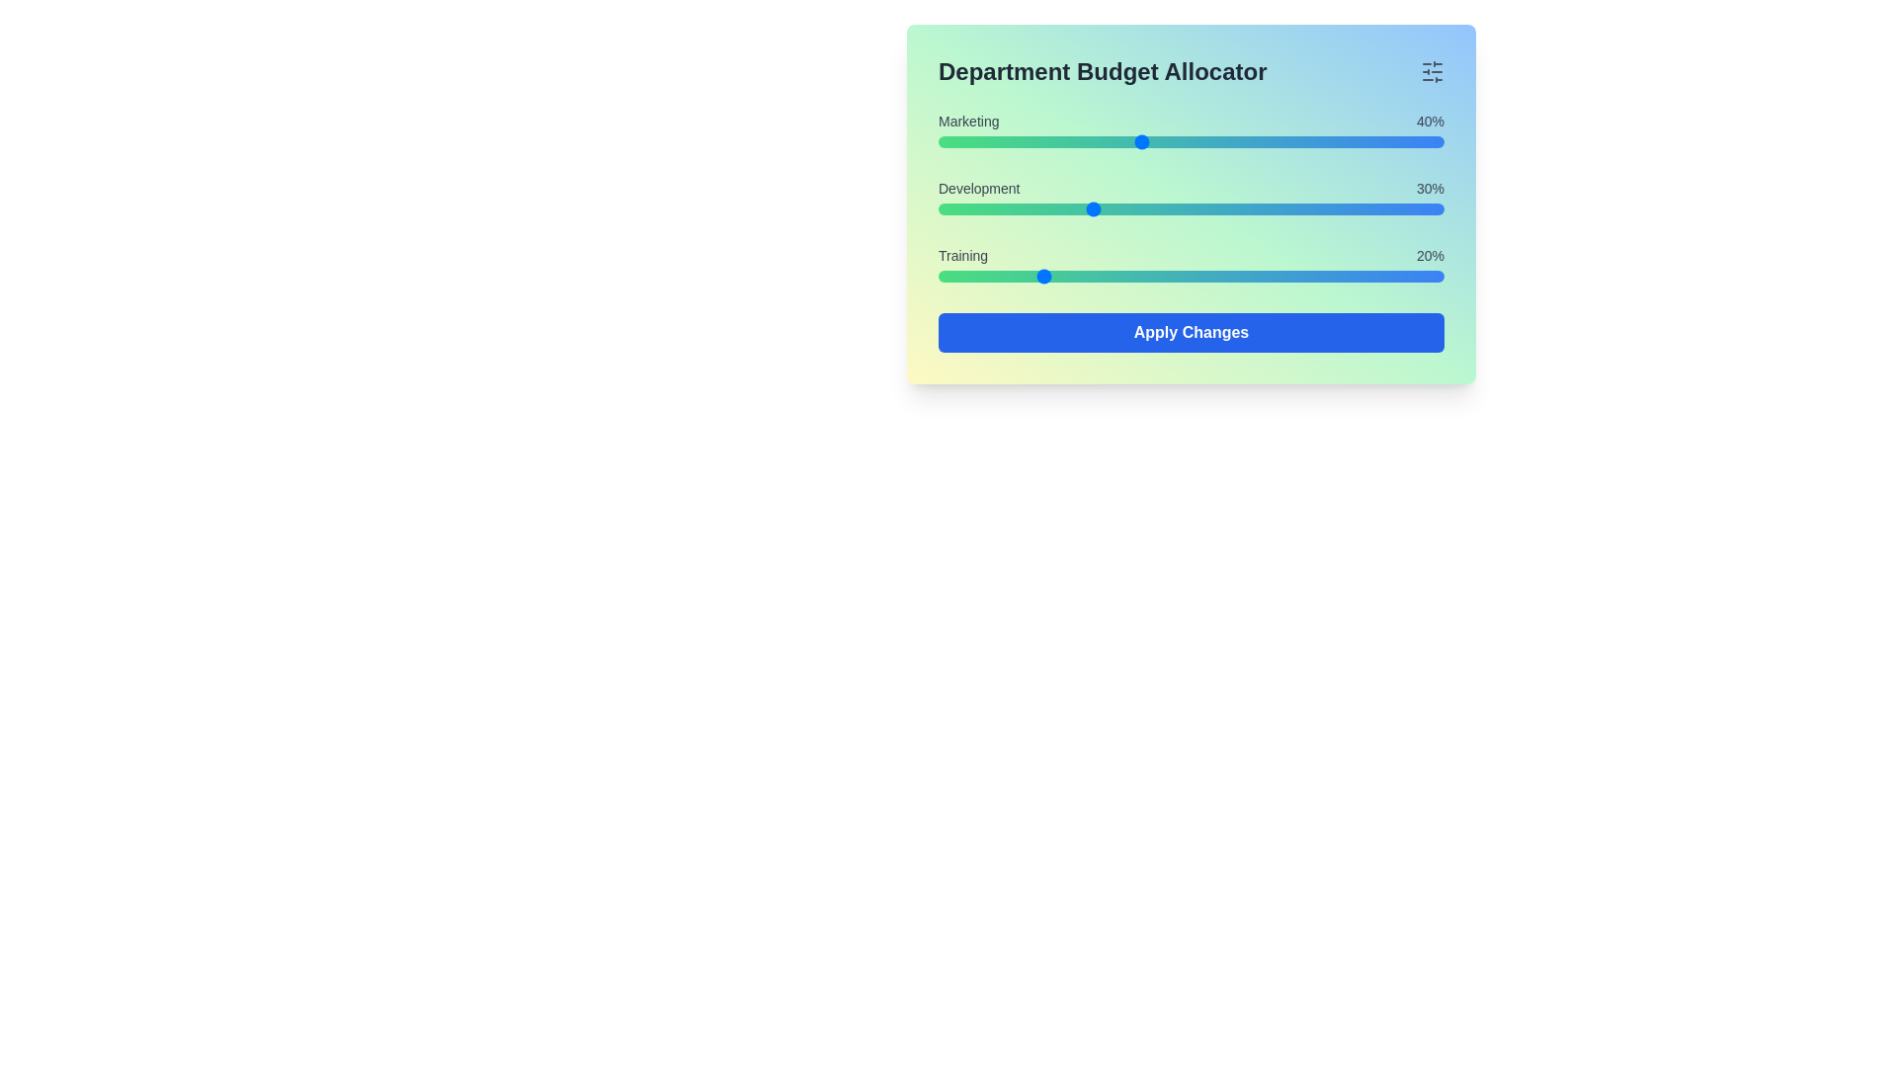  I want to click on the Training budget slider to 69%, so click(1287, 277).